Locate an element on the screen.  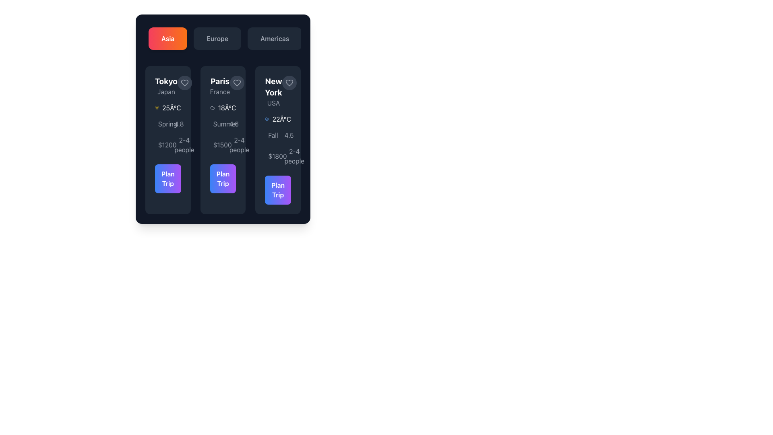
the text label displaying '2-4 people' in gray, which is located in the New York trip card, positioned just below the $1800 price and above the 'Plan Trip' button is located at coordinates (294, 156).